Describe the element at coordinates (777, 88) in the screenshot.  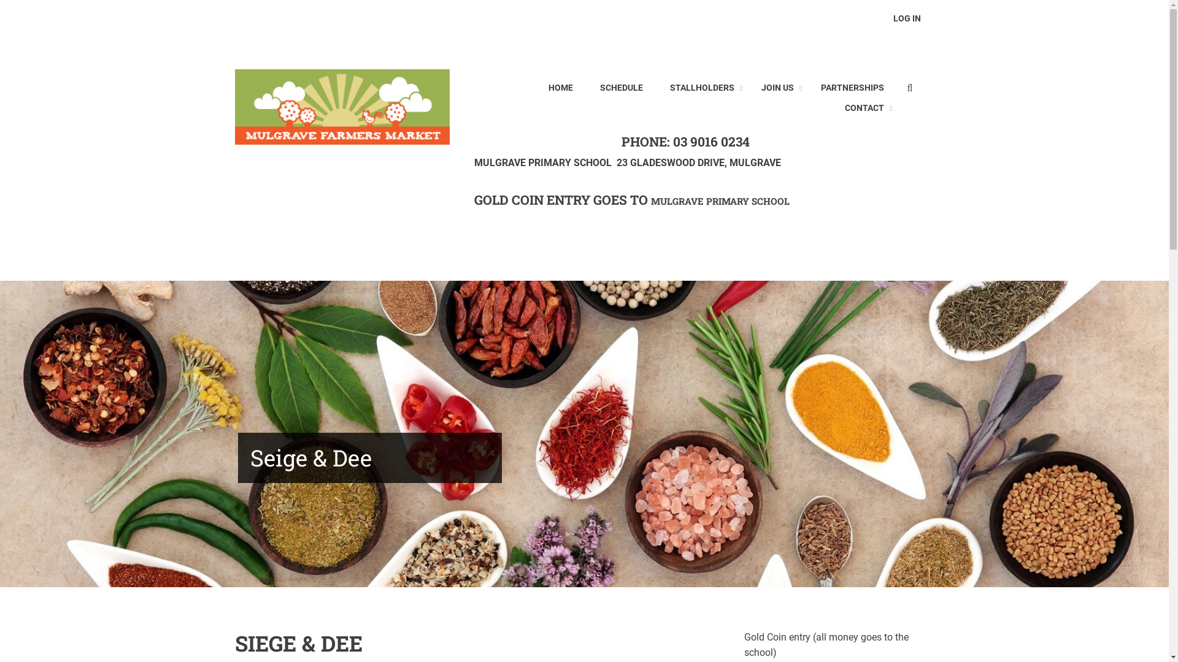
I see `'JOIN US'` at that location.